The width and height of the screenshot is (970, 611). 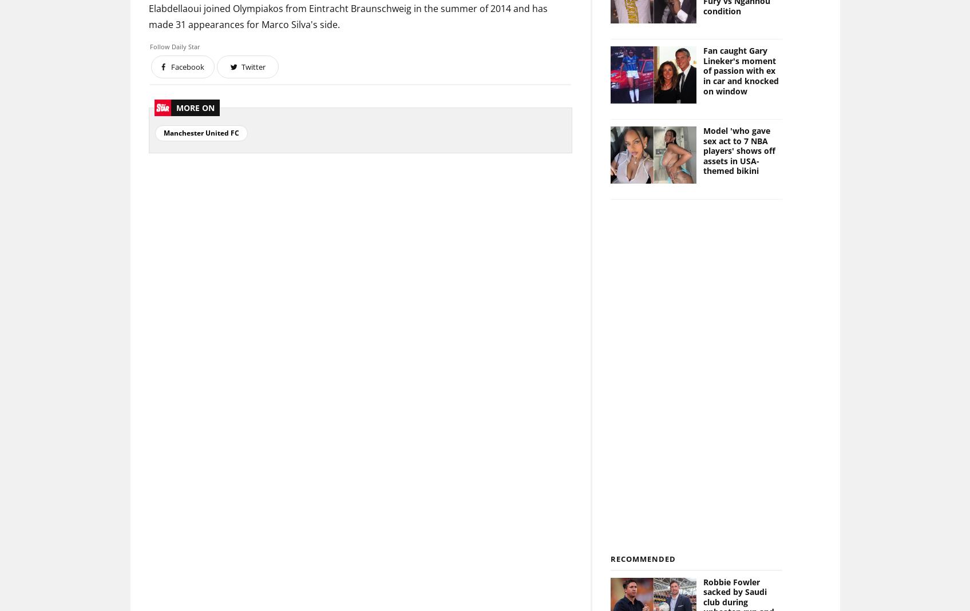 I want to click on 'Daily Star', so click(x=185, y=46).